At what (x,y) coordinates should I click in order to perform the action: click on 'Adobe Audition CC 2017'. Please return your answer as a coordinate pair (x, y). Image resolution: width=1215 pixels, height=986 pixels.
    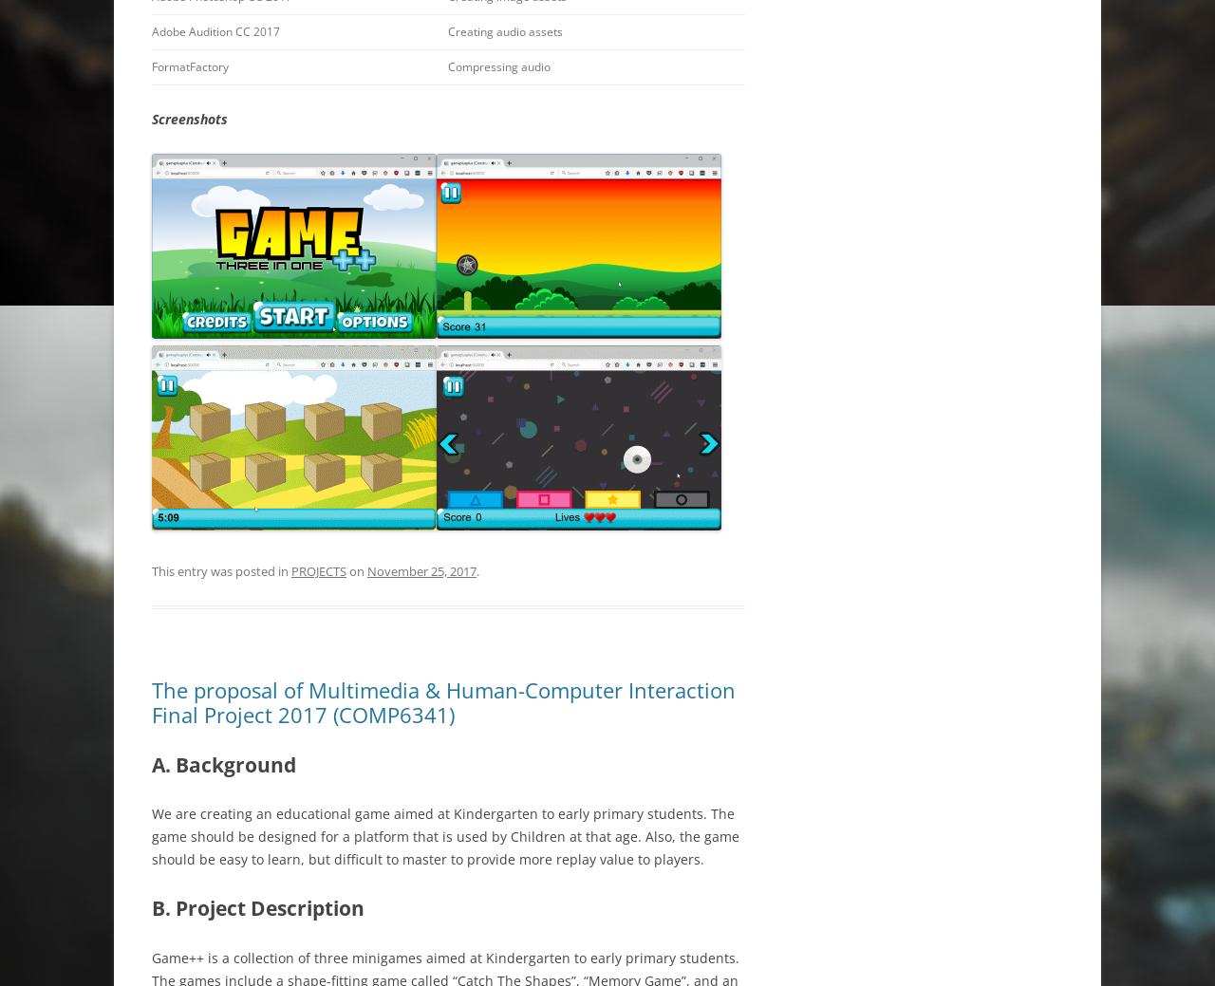
    Looking at the image, I should click on (152, 30).